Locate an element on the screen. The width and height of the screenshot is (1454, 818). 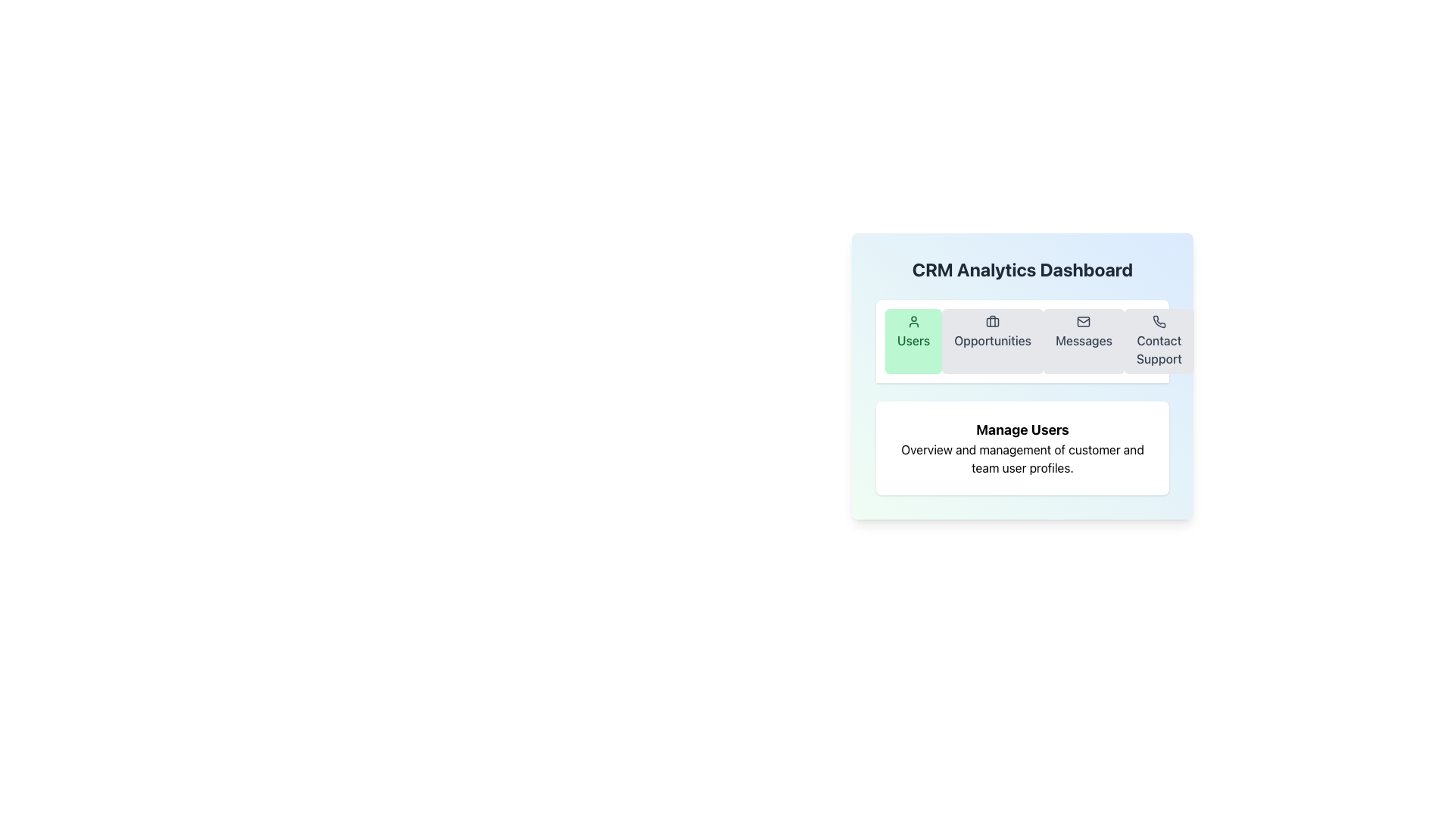
the briefcase icon located at the top center of the 'Opportunities' tab, which is visually paired with the text 'Opportunities' below it is located at coordinates (992, 320).